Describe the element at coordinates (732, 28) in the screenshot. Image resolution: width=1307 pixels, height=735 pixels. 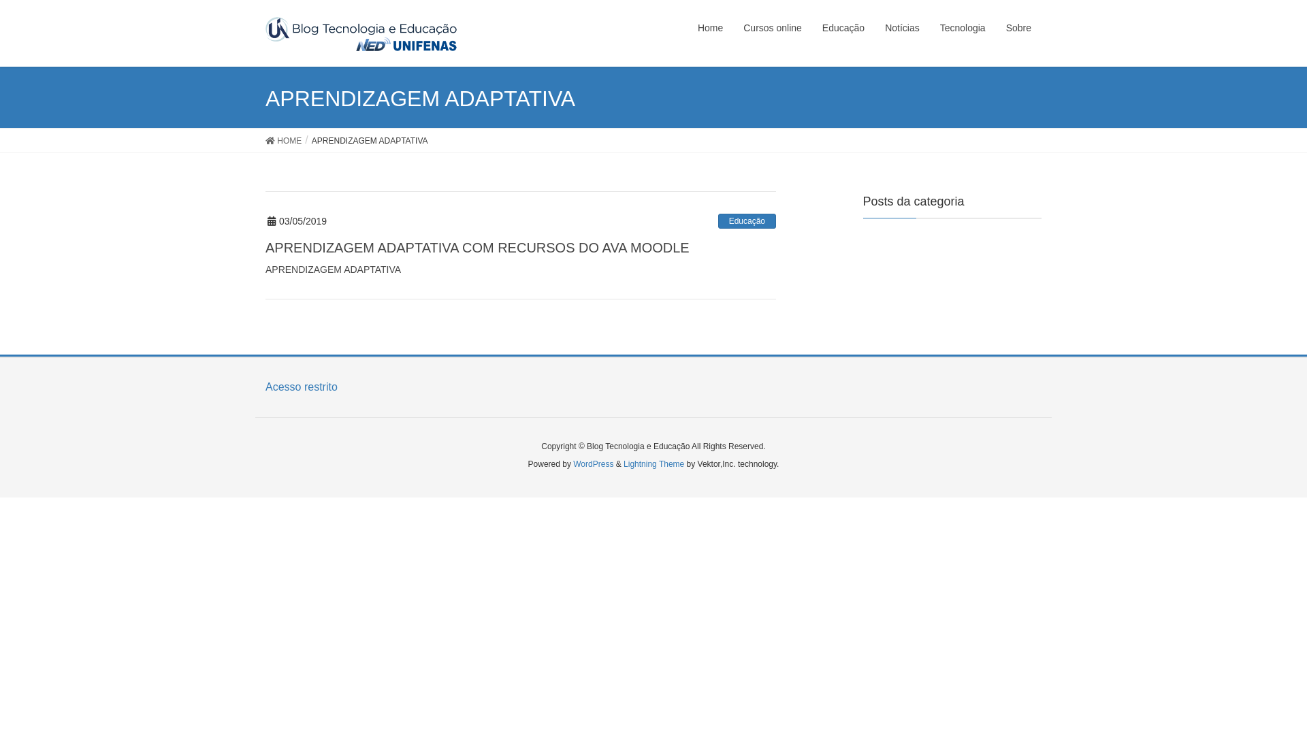
I see `'Cursos online'` at that location.